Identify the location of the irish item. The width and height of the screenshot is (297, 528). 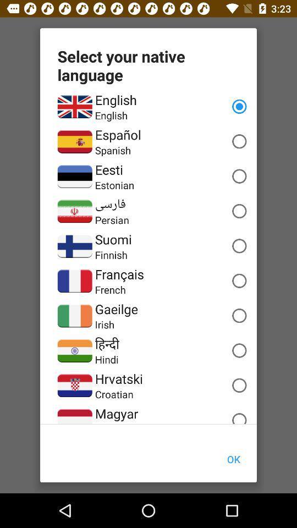
(105, 324).